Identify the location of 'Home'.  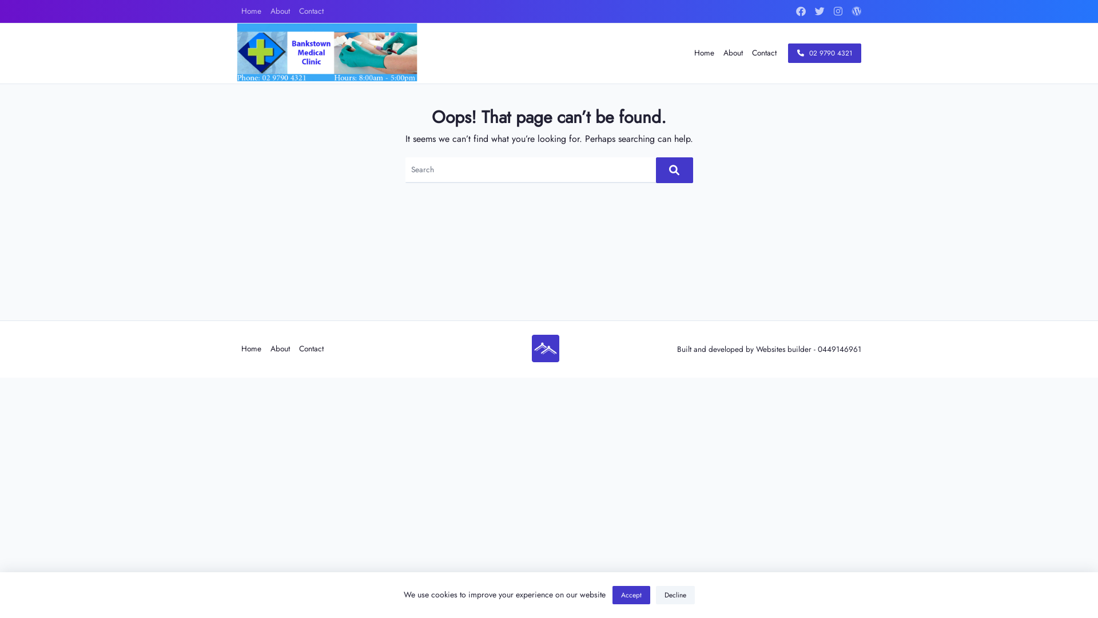
(250, 11).